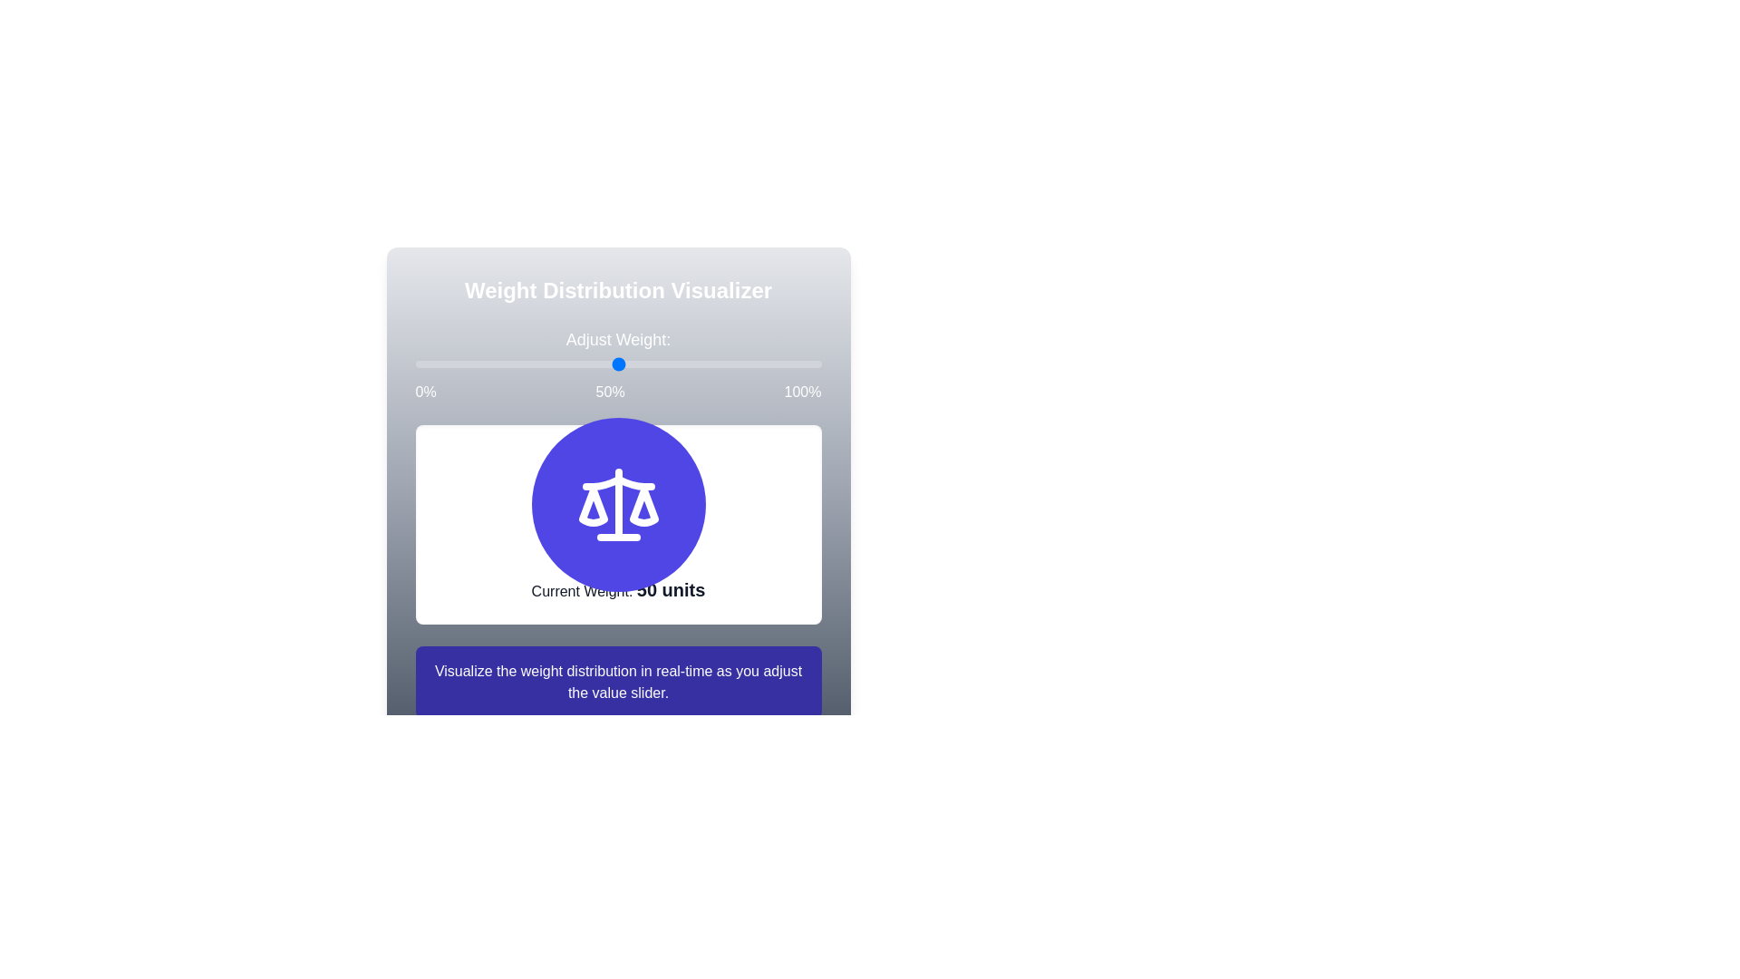 Image resolution: width=1740 pixels, height=979 pixels. Describe the element at coordinates (618, 504) in the screenshot. I see `the scales icon to select it` at that location.